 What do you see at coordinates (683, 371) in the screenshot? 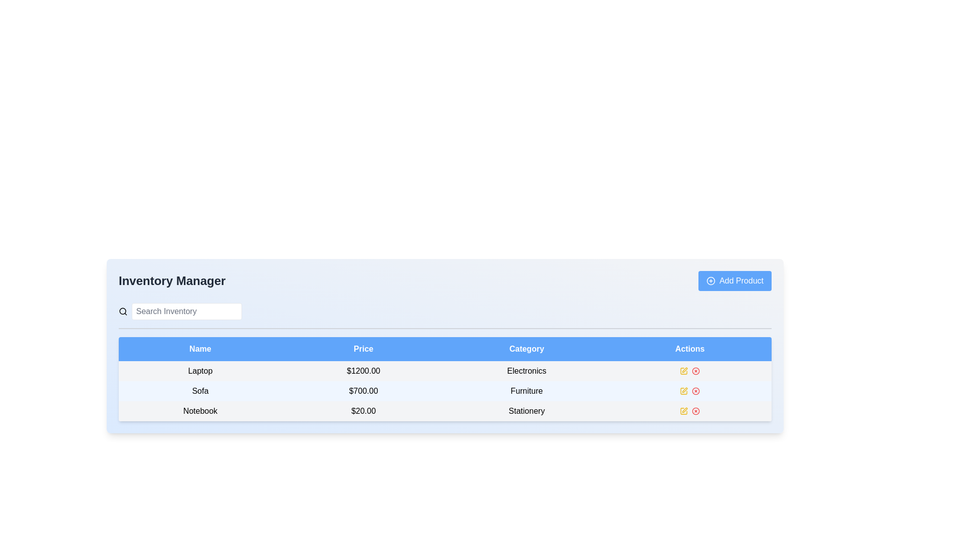
I see `the small square yellow edit button with a pencil symbol in the 'Actions' column of the Inventory Manager table to observe its hover effect` at bounding box center [683, 371].